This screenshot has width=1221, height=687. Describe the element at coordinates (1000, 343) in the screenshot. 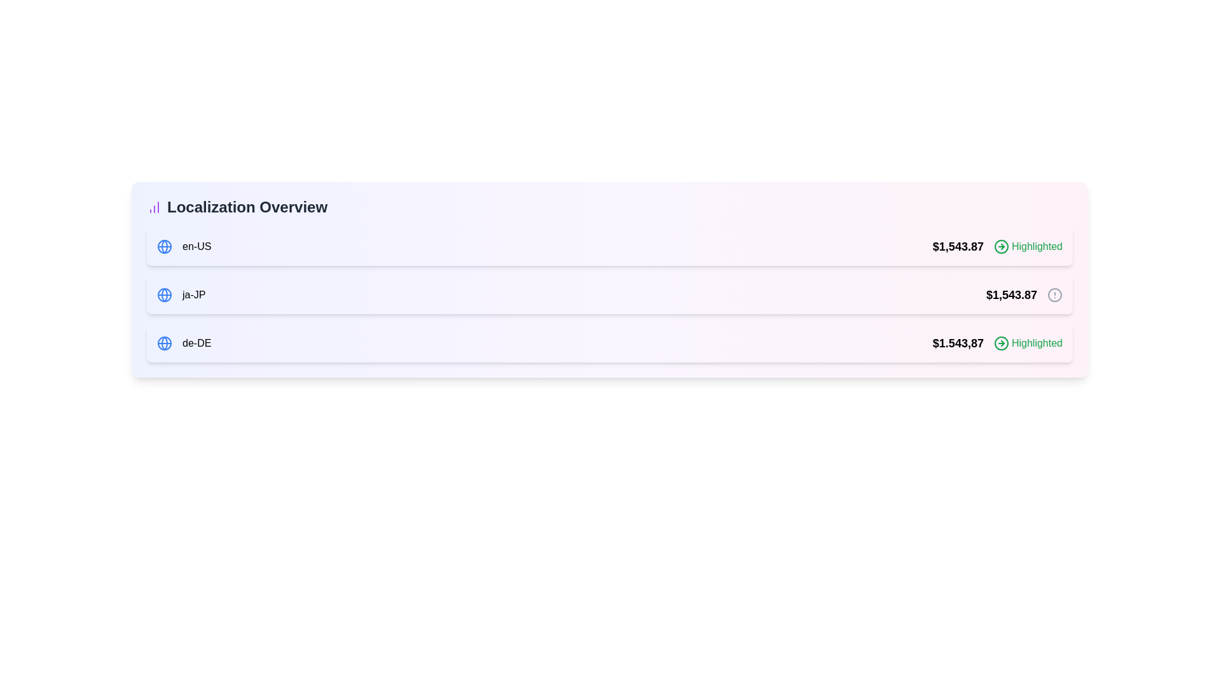

I see `the SVG circle component, which is the leftmost part of the icon in the rightmost segment of the bottommost row in the interface` at that location.